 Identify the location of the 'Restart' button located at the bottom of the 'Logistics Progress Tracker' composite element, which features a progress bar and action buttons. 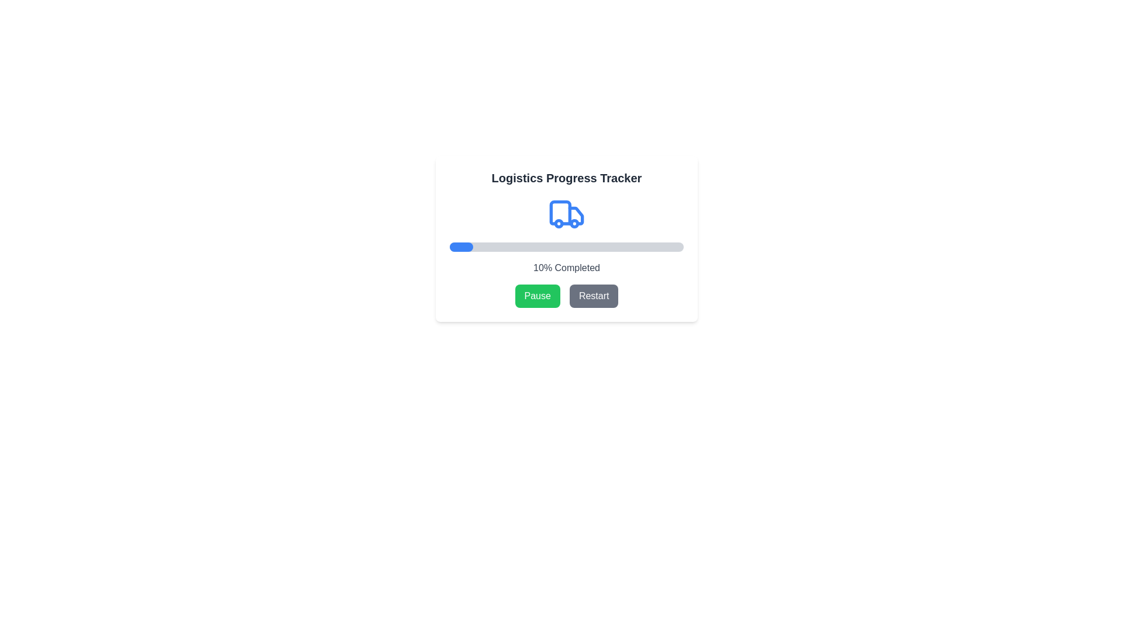
(567, 238).